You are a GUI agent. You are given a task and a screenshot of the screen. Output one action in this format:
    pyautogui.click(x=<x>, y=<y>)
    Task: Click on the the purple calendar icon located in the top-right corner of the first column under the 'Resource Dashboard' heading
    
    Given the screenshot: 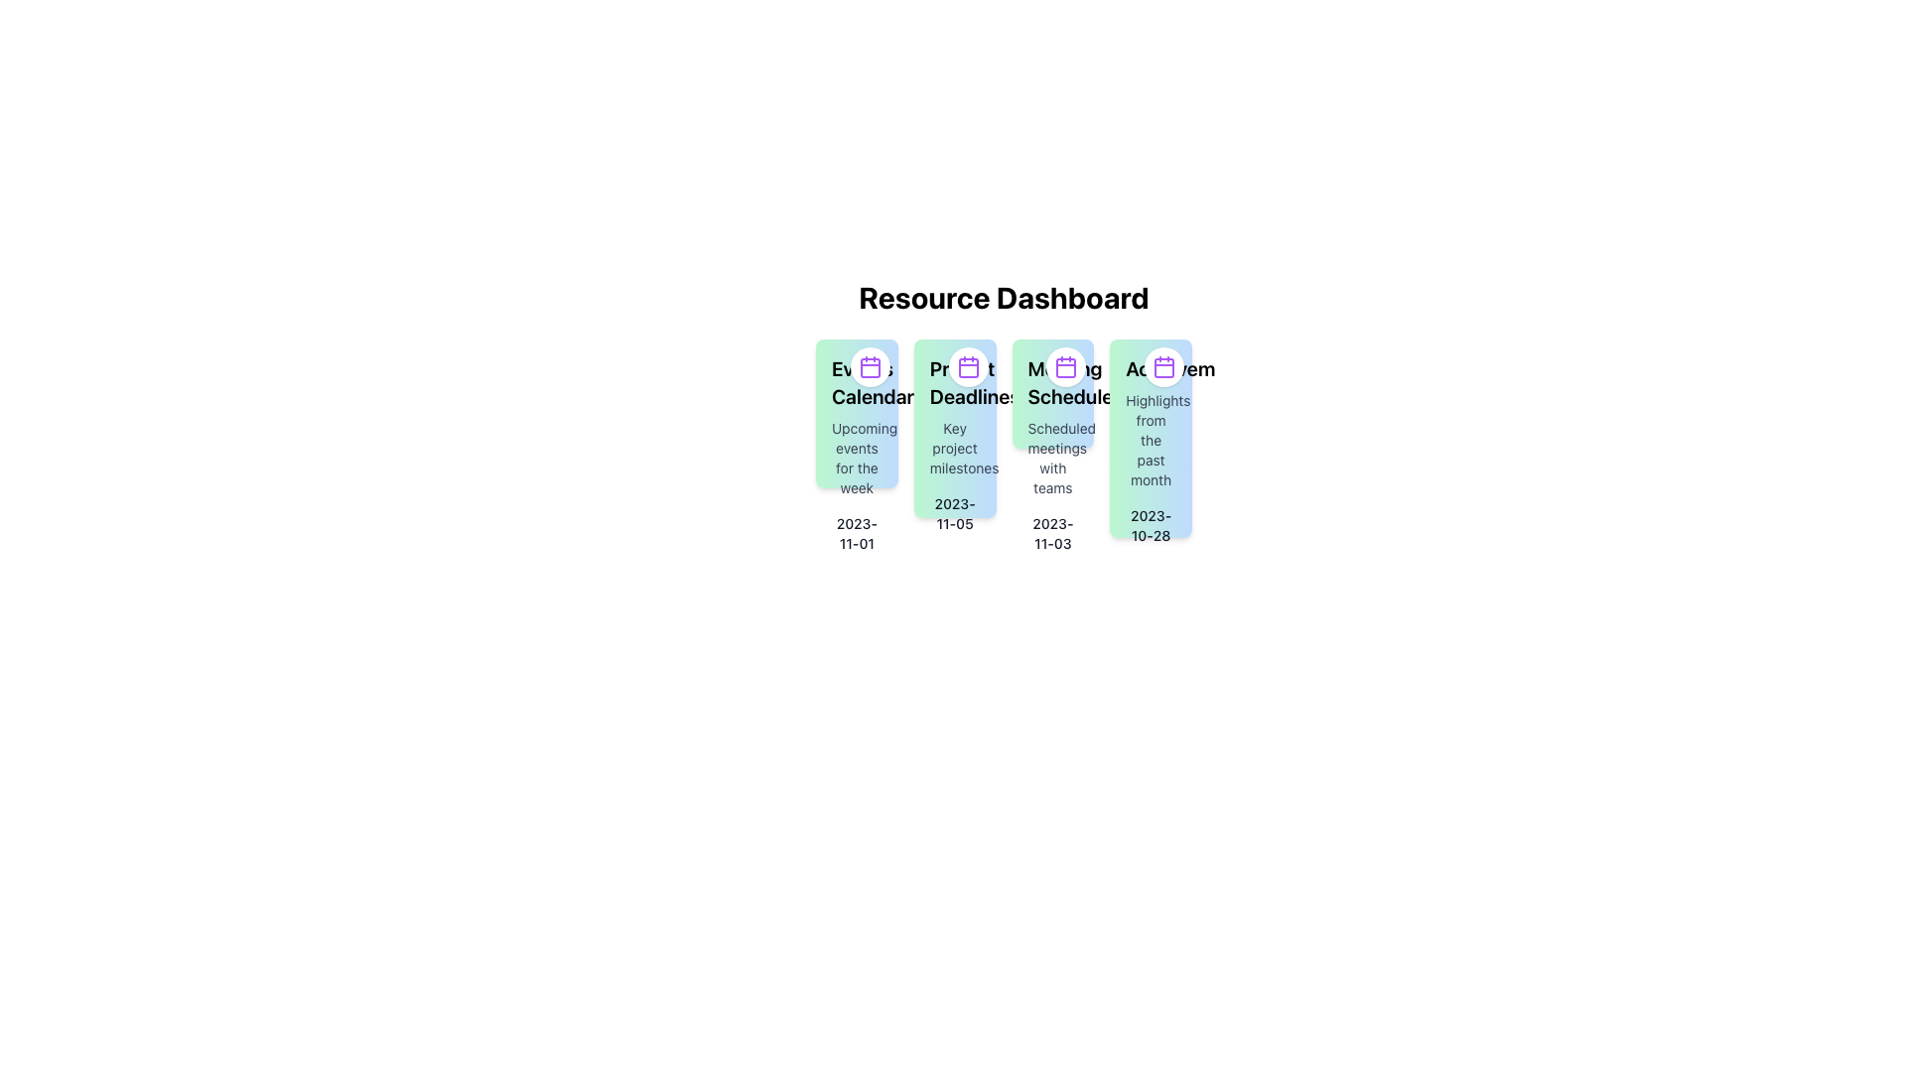 What is the action you would take?
    pyautogui.click(x=870, y=367)
    